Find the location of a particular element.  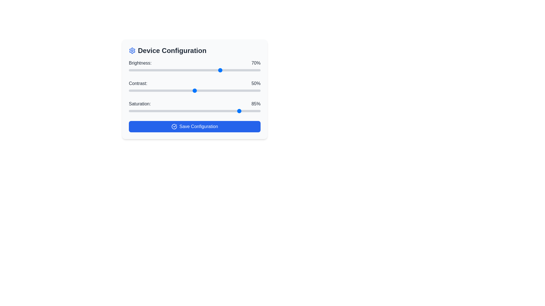

the saturation level is located at coordinates (135, 111).